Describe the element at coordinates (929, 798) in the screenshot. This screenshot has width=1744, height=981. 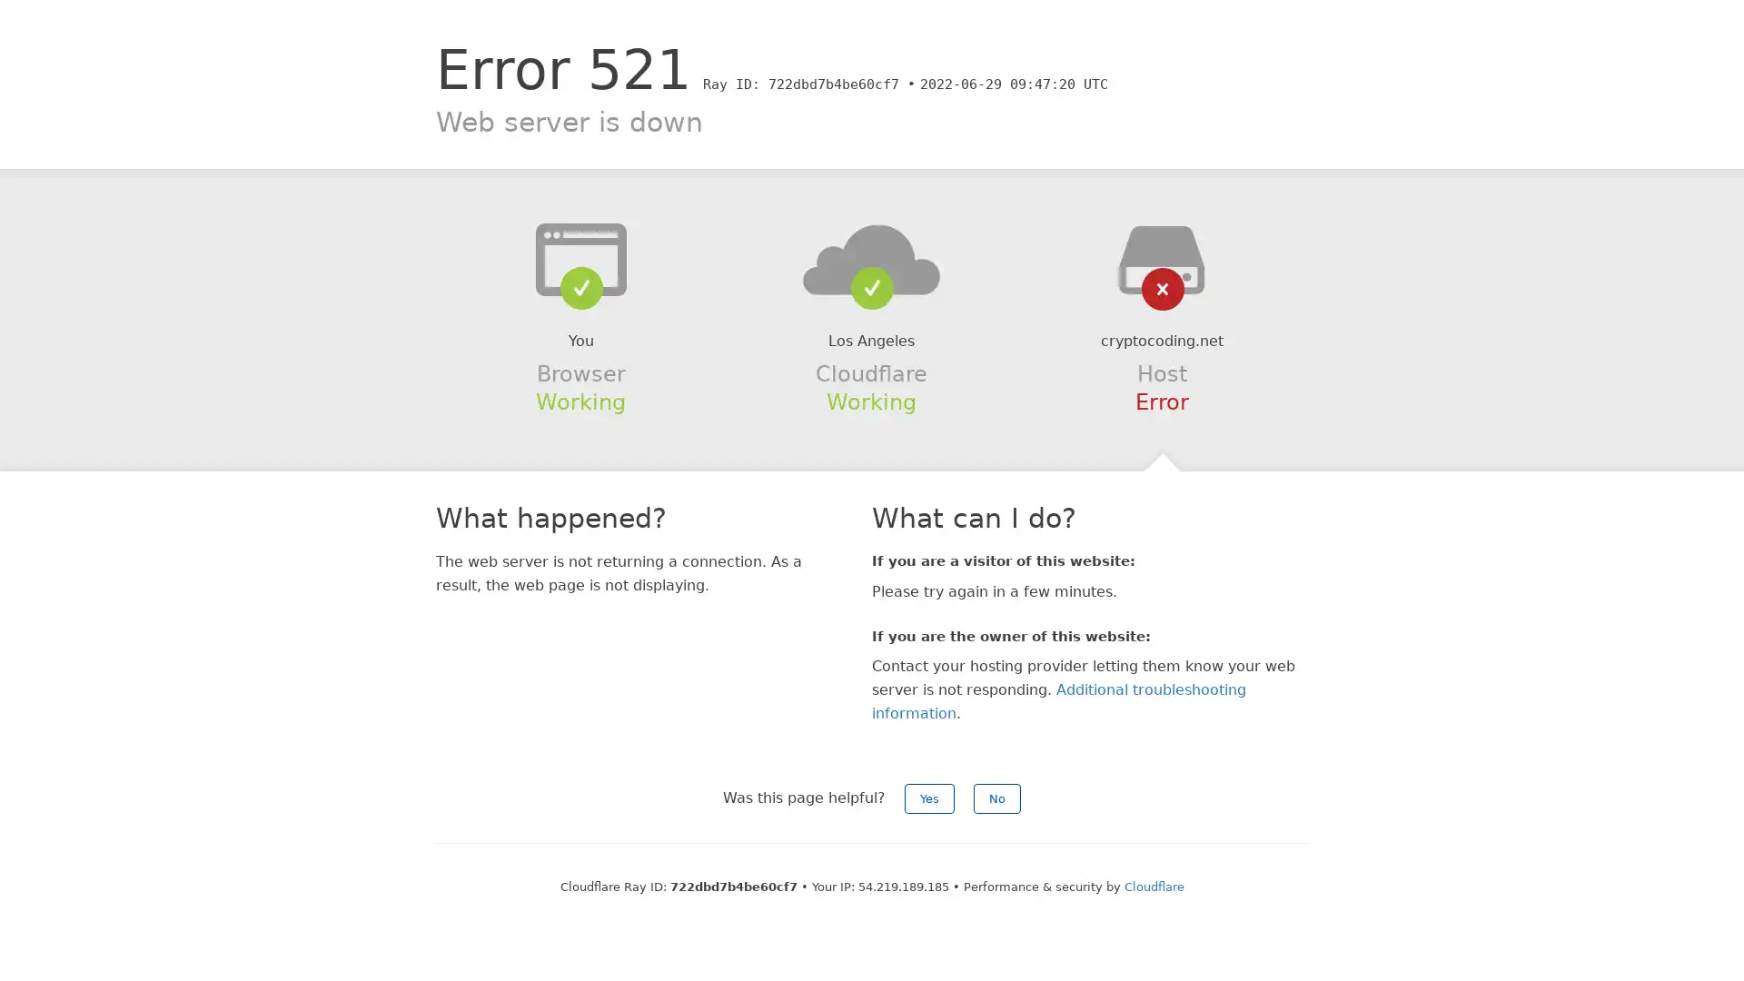
I see `Yes` at that location.